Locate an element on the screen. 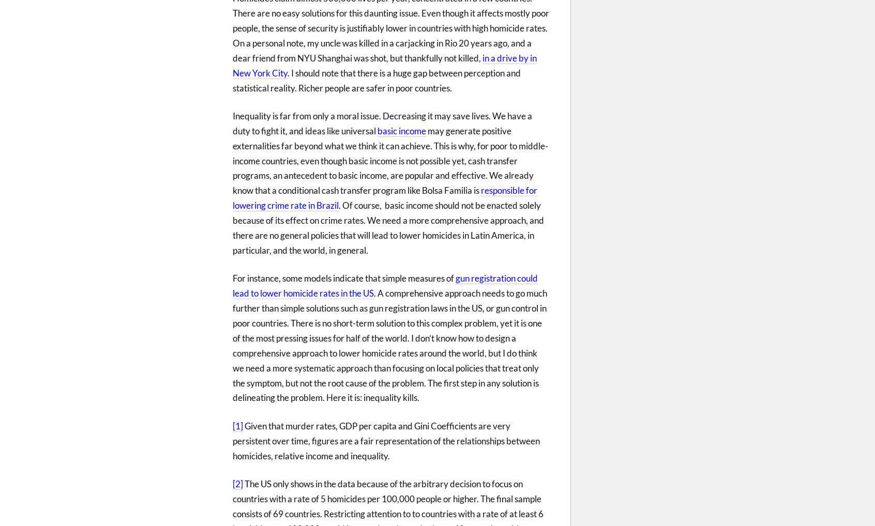 Image resolution: width=875 pixels, height=526 pixels. 'basic income' is located at coordinates (401, 130).